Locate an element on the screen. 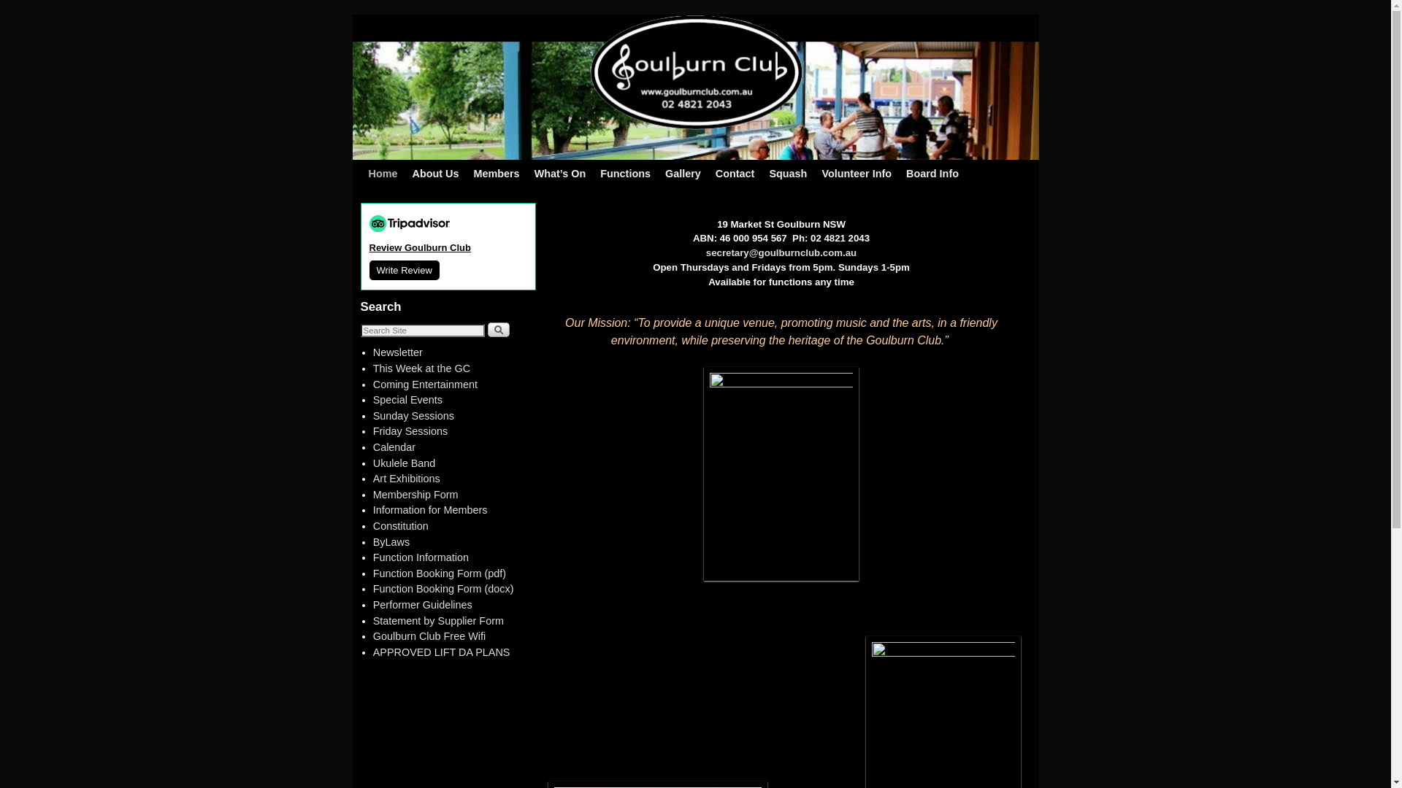  'Function Booking Form (docx)' is located at coordinates (443, 587).